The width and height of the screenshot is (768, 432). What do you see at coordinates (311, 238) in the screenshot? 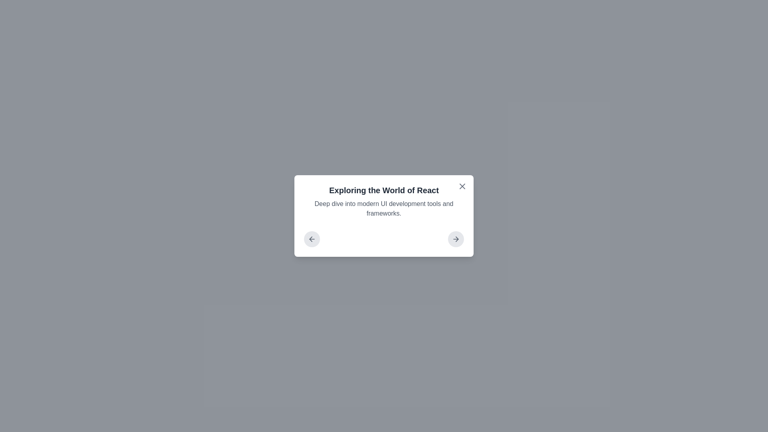
I see `the back navigation icon located in the top-left corner of the circular button at the bottom-left area of the modal dialogue titled 'Exploring the World of React'` at bounding box center [311, 238].